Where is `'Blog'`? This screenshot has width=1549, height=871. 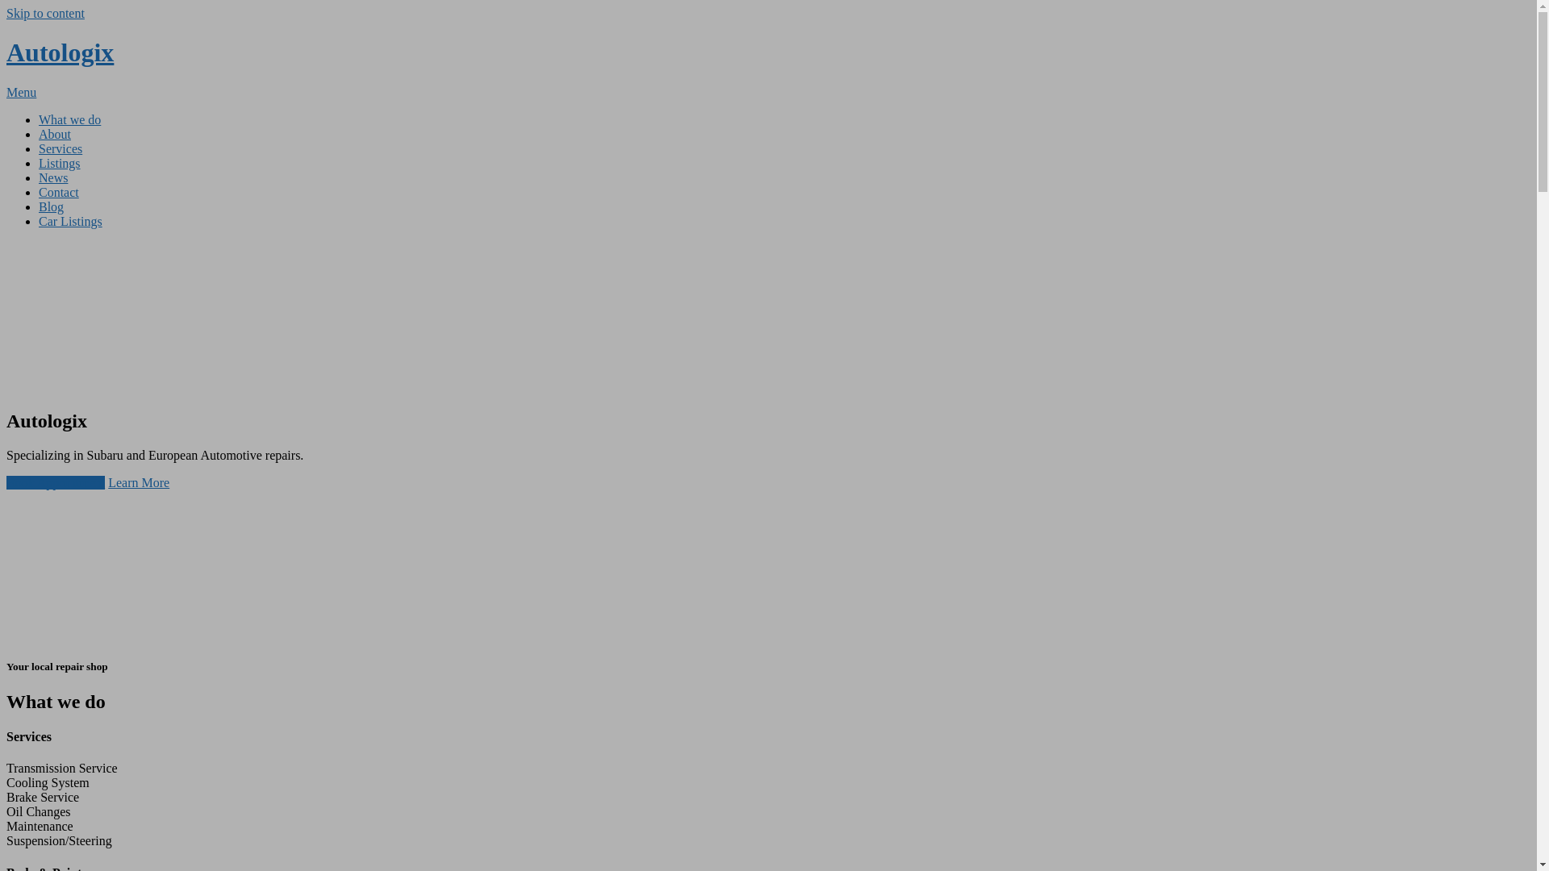 'Blog' is located at coordinates (51, 206).